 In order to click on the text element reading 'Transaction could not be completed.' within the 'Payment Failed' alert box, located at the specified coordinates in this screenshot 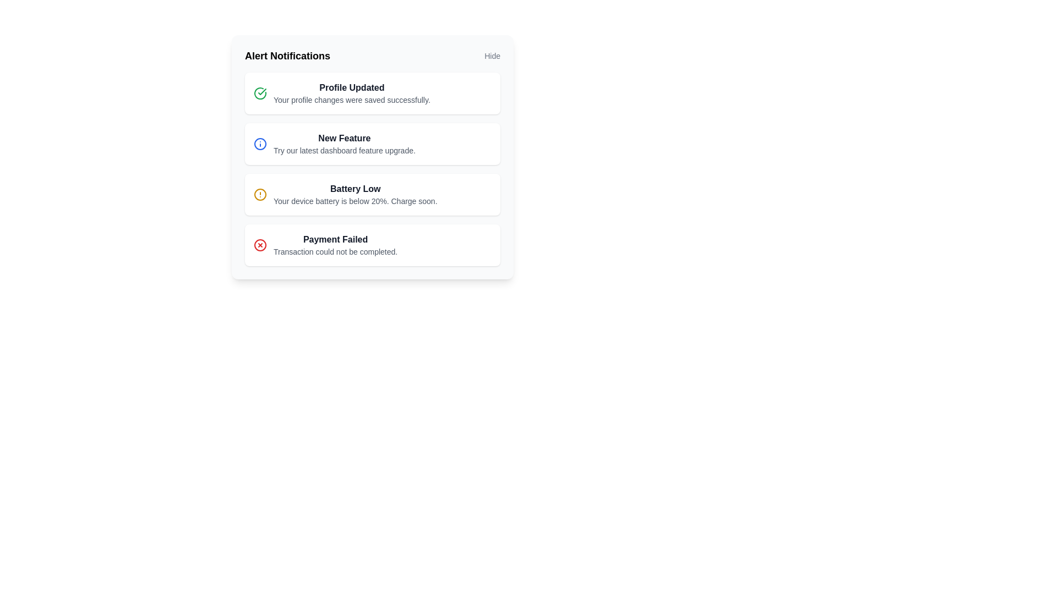, I will do `click(335, 252)`.